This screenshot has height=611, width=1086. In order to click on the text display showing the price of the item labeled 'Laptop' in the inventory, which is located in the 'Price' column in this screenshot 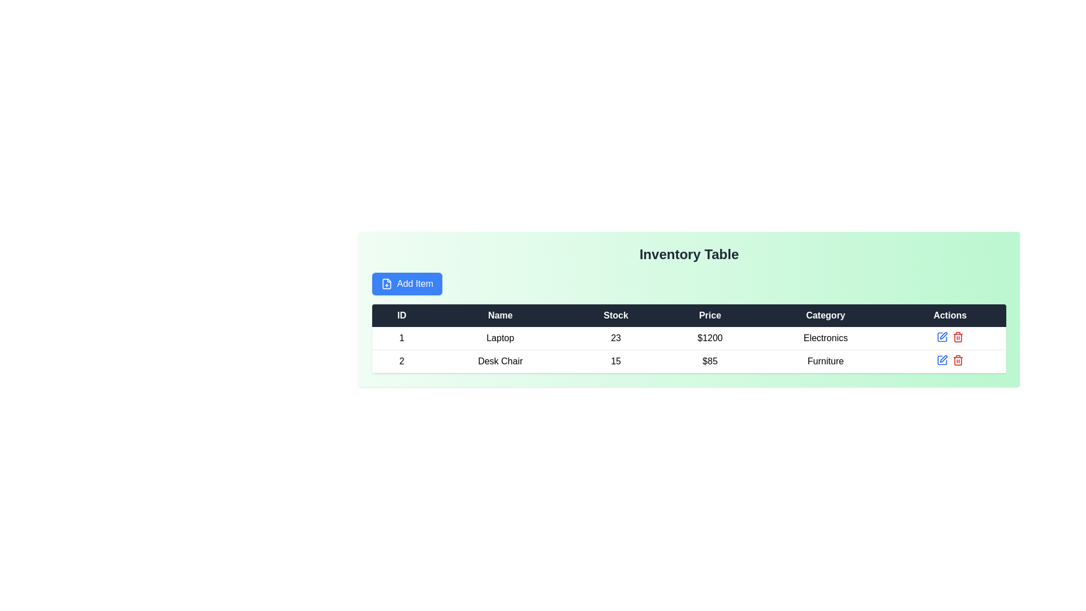, I will do `click(709, 338)`.